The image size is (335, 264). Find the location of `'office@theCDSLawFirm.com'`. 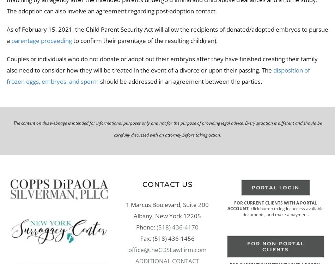

'office@theCDSLawFirm.com' is located at coordinates (166, 249).